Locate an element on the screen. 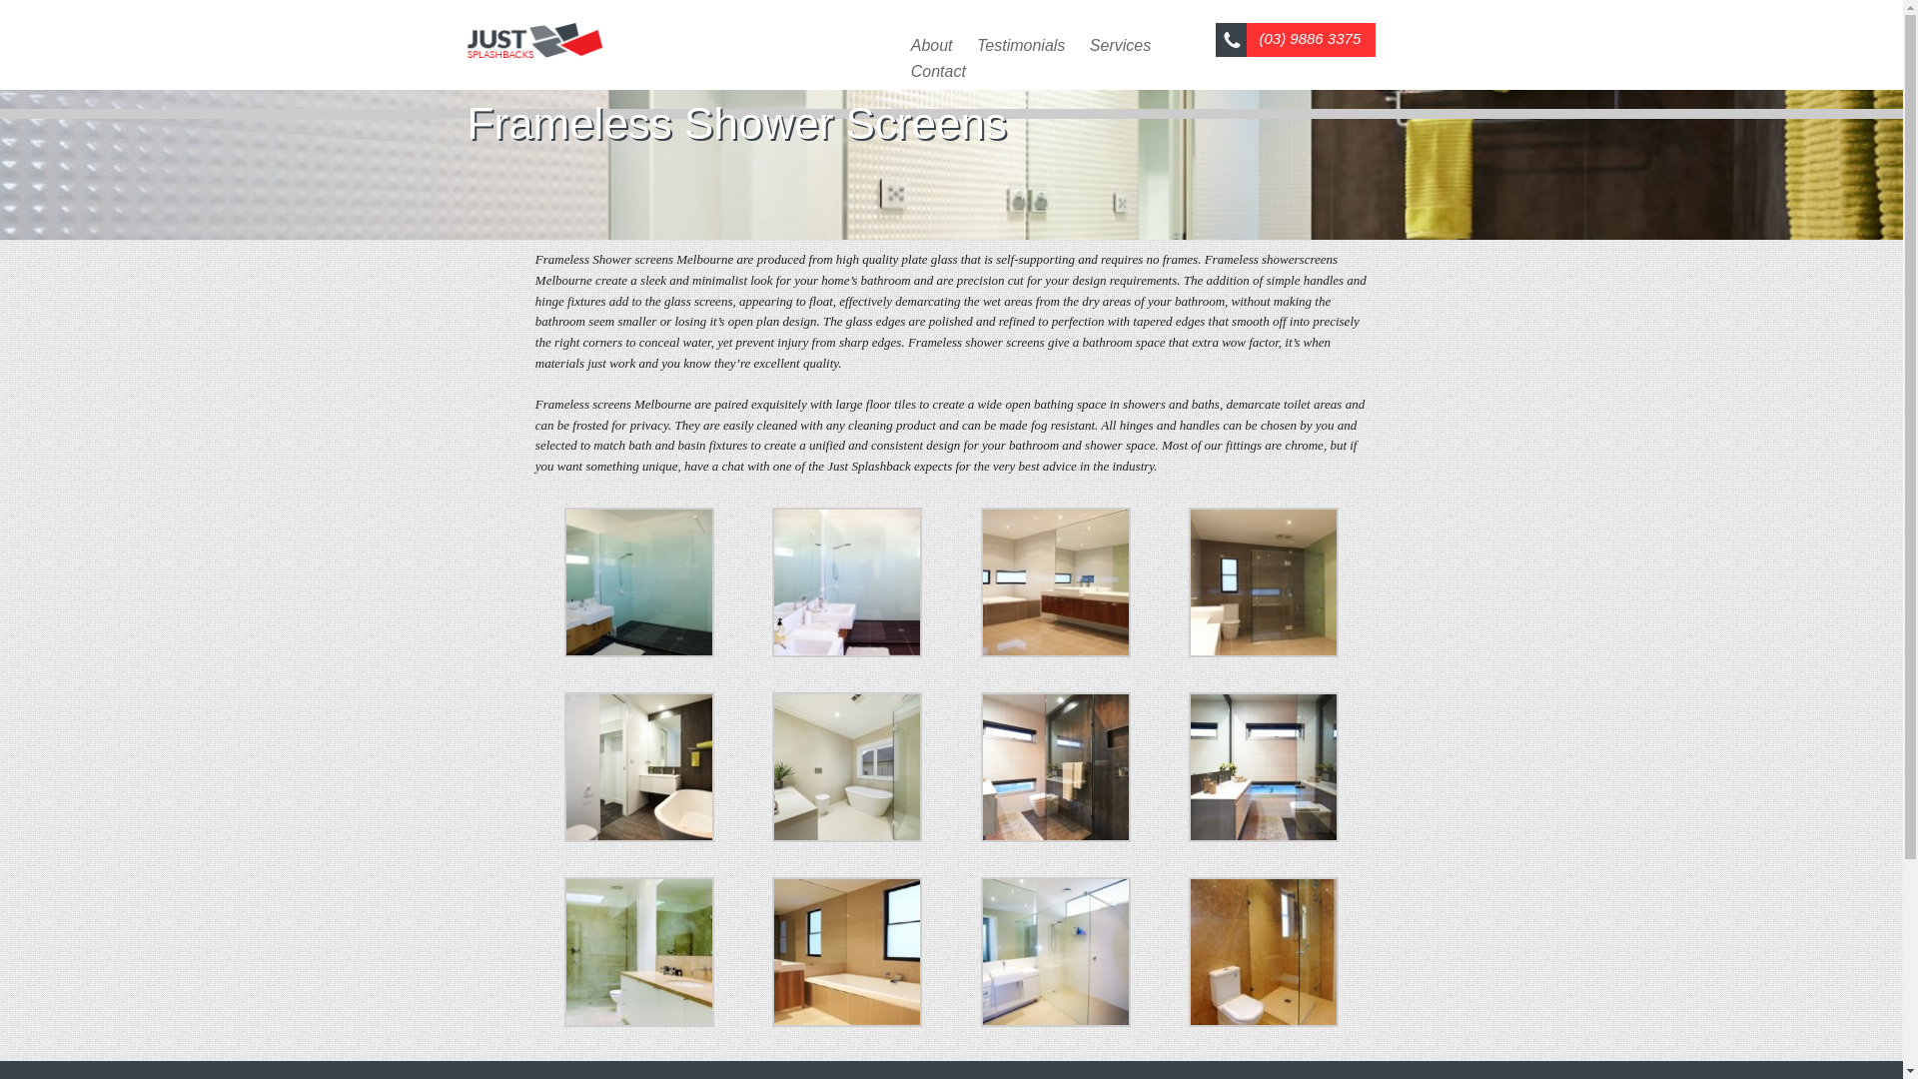 This screenshot has width=1918, height=1079. 'Just Splashbacks' is located at coordinates (535, 34).